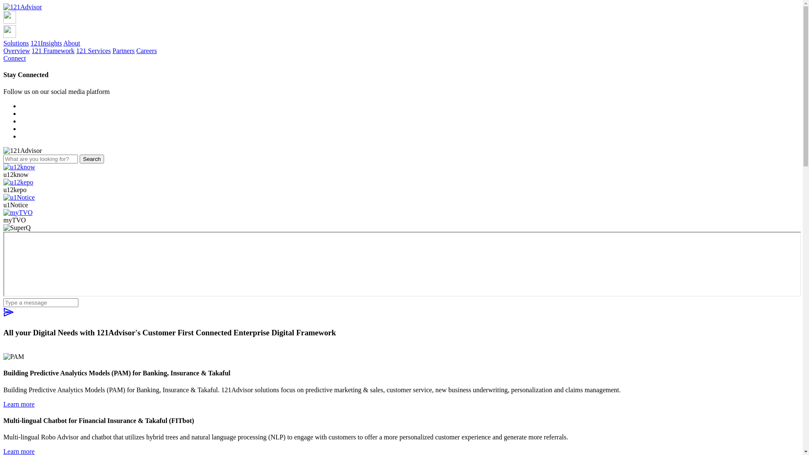 The width and height of the screenshot is (809, 455). What do you see at coordinates (46, 43) in the screenshot?
I see `'121Insights'` at bounding box center [46, 43].